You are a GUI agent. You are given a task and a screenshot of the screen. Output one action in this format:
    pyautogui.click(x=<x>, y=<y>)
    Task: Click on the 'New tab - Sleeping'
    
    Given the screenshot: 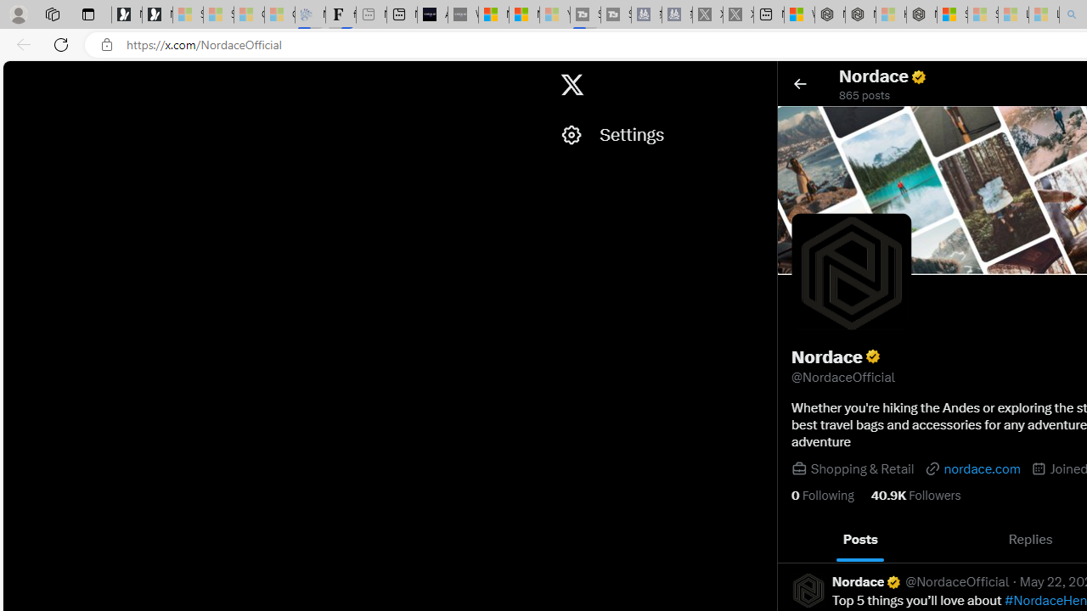 What is the action you would take?
    pyautogui.click(x=370, y=14)
    